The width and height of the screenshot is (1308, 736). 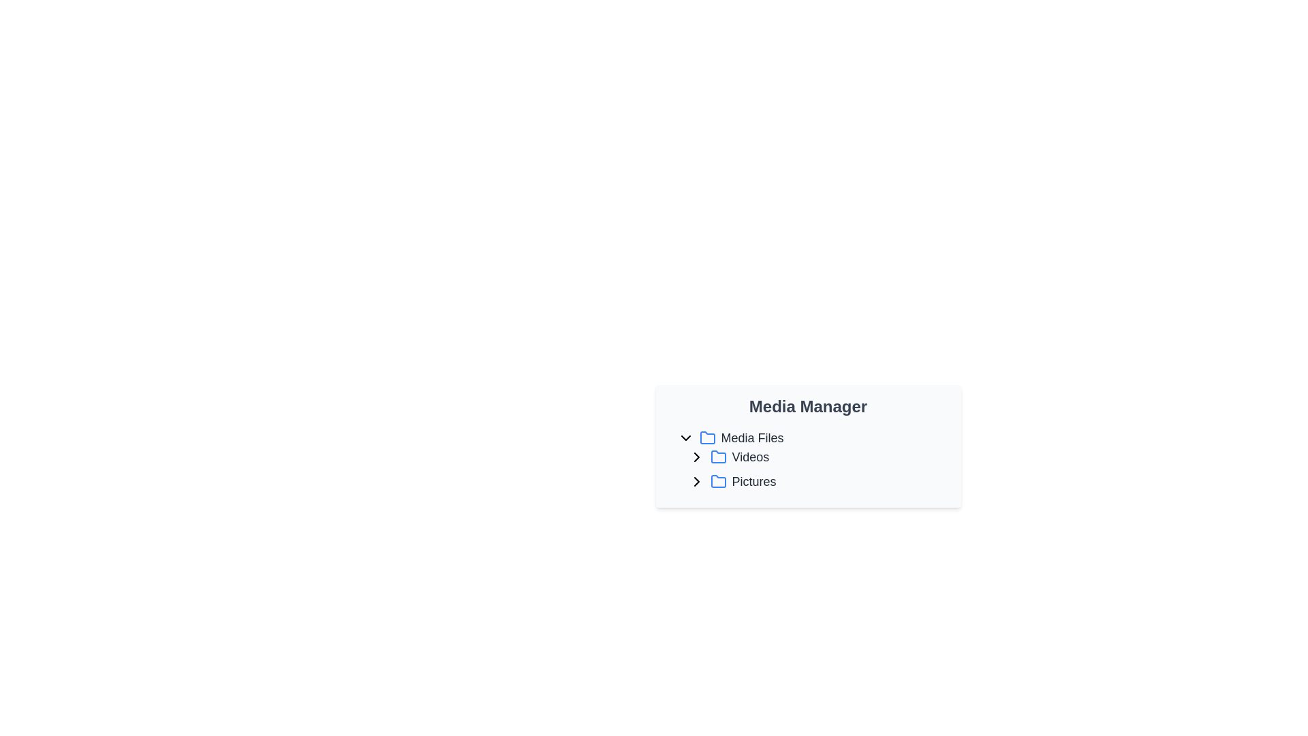 What do you see at coordinates (696, 480) in the screenshot?
I see `the arrow icon` at bounding box center [696, 480].